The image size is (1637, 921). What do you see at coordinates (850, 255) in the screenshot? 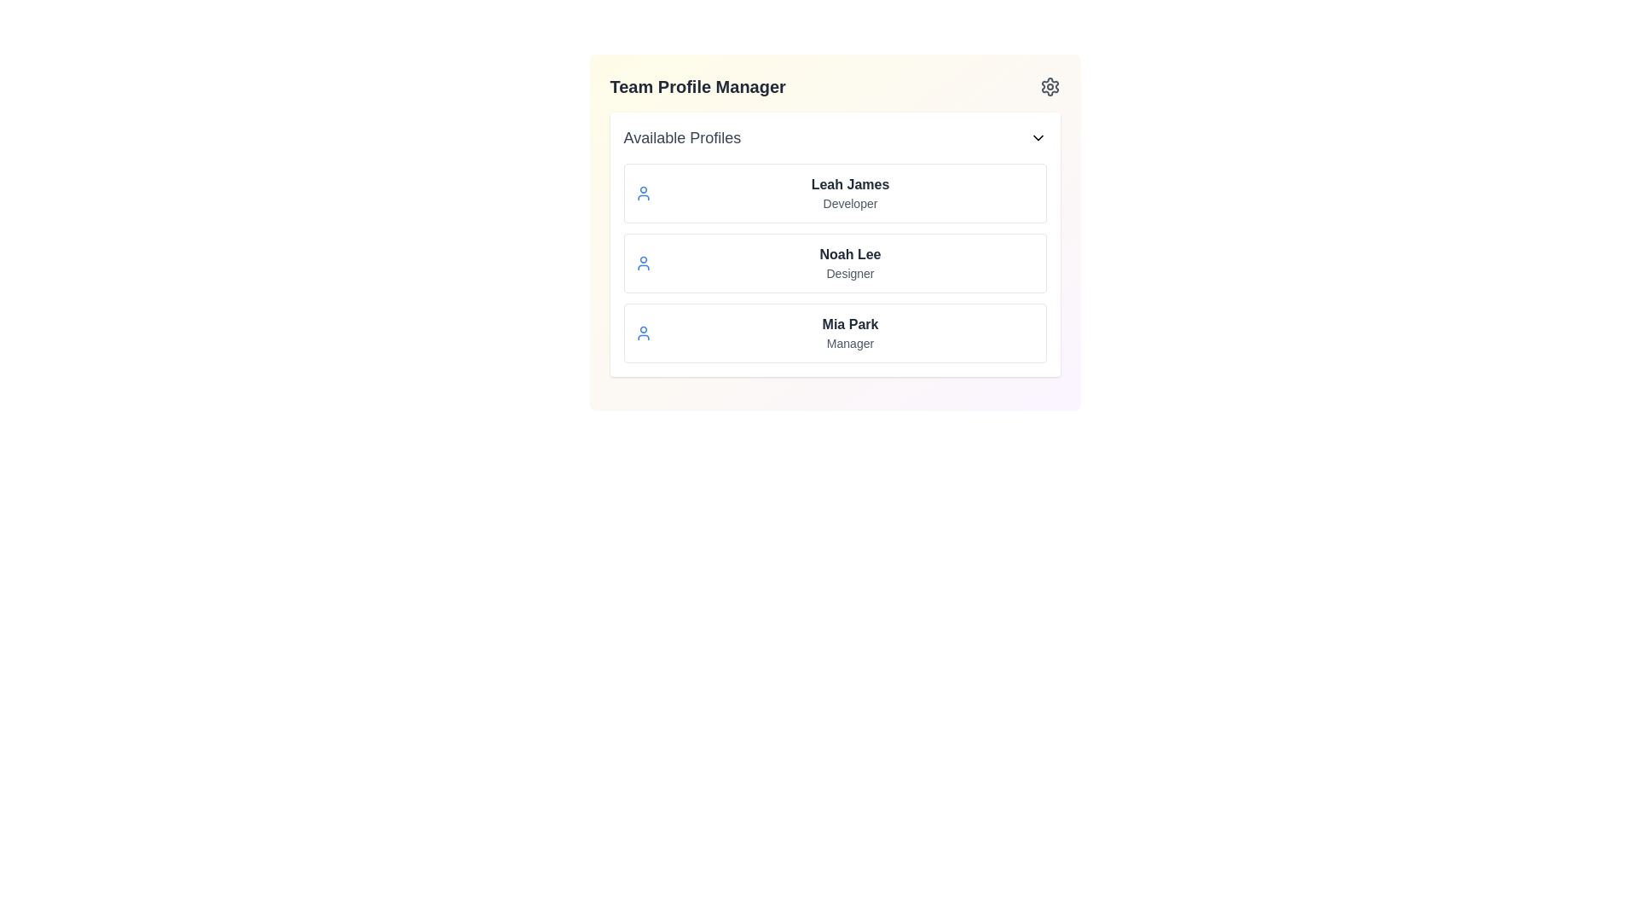
I see `the profile name label in the second profile entry, located above the 'Designer' description` at bounding box center [850, 255].